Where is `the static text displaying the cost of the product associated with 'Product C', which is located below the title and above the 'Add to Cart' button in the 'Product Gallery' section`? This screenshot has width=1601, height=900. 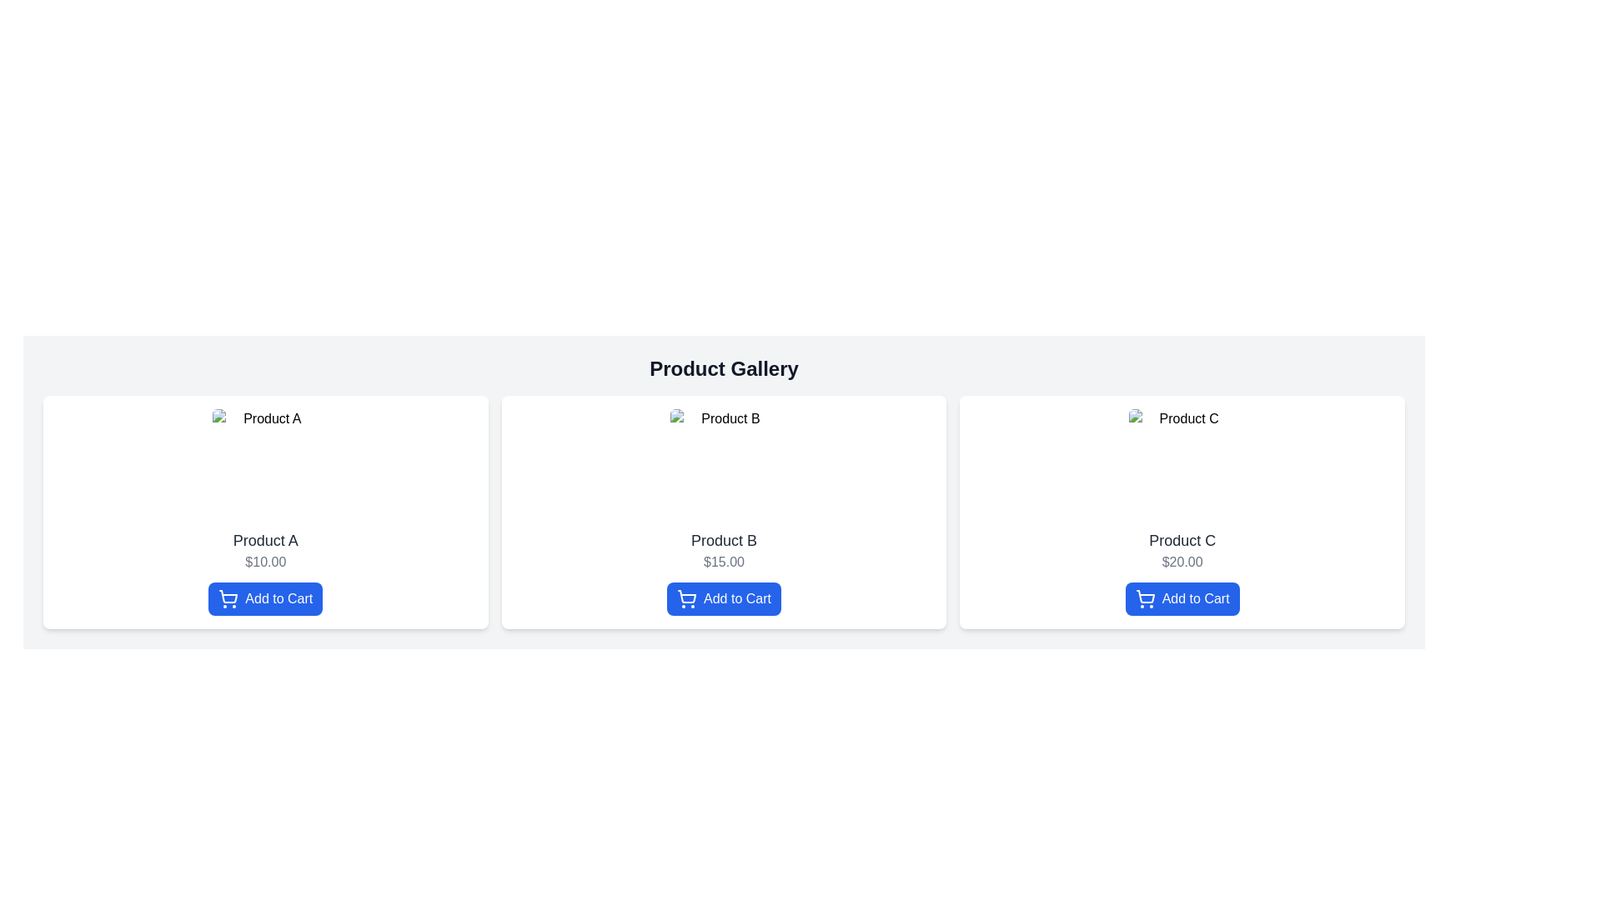
the static text displaying the cost of the product associated with 'Product C', which is located below the title and above the 'Add to Cart' button in the 'Product Gallery' section is located at coordinates (1182, 562).